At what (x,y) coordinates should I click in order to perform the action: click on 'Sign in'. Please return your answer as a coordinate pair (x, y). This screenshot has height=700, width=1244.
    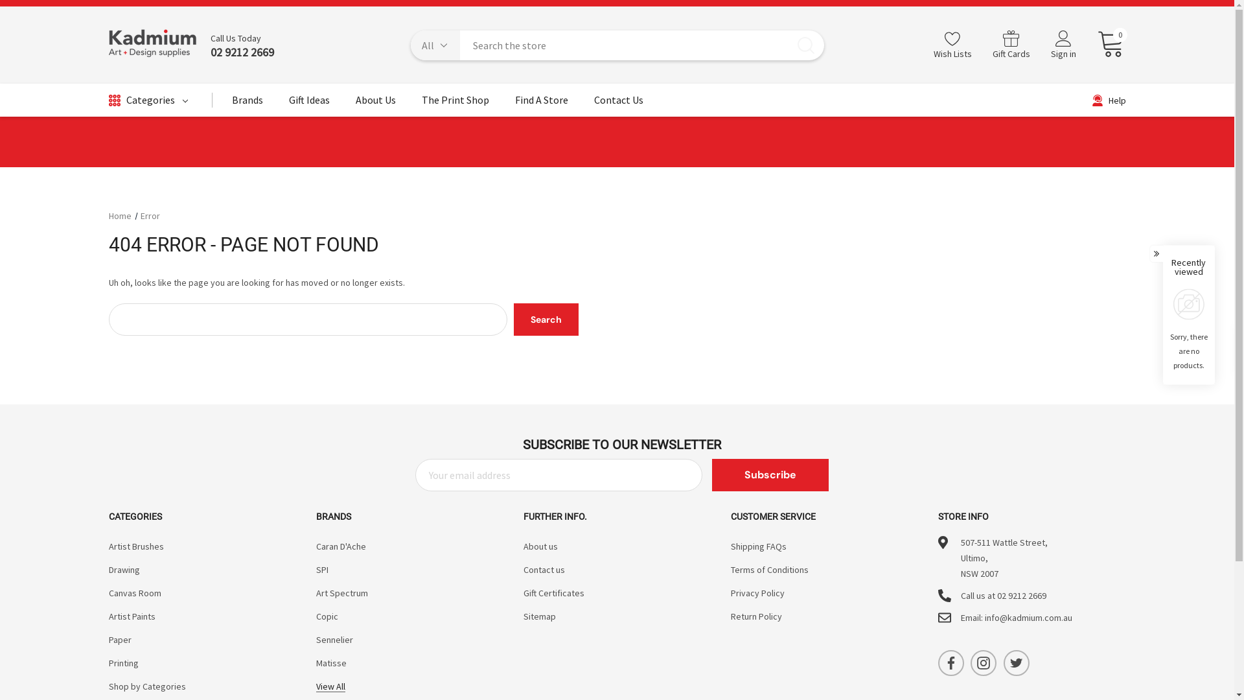
    Looking at the image, I should click on (1041, 45).